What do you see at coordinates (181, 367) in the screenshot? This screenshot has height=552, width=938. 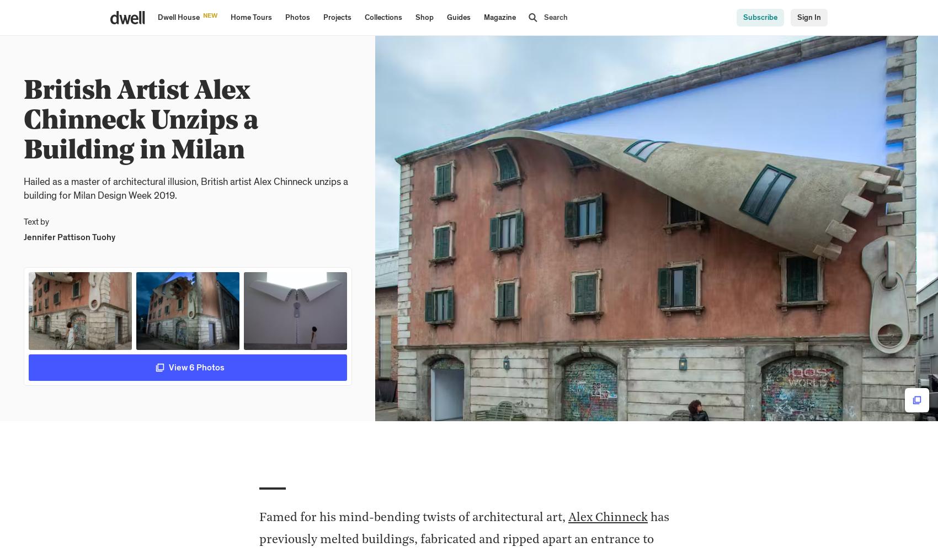 I see `'View 6'` at bounding box center [181, 367].